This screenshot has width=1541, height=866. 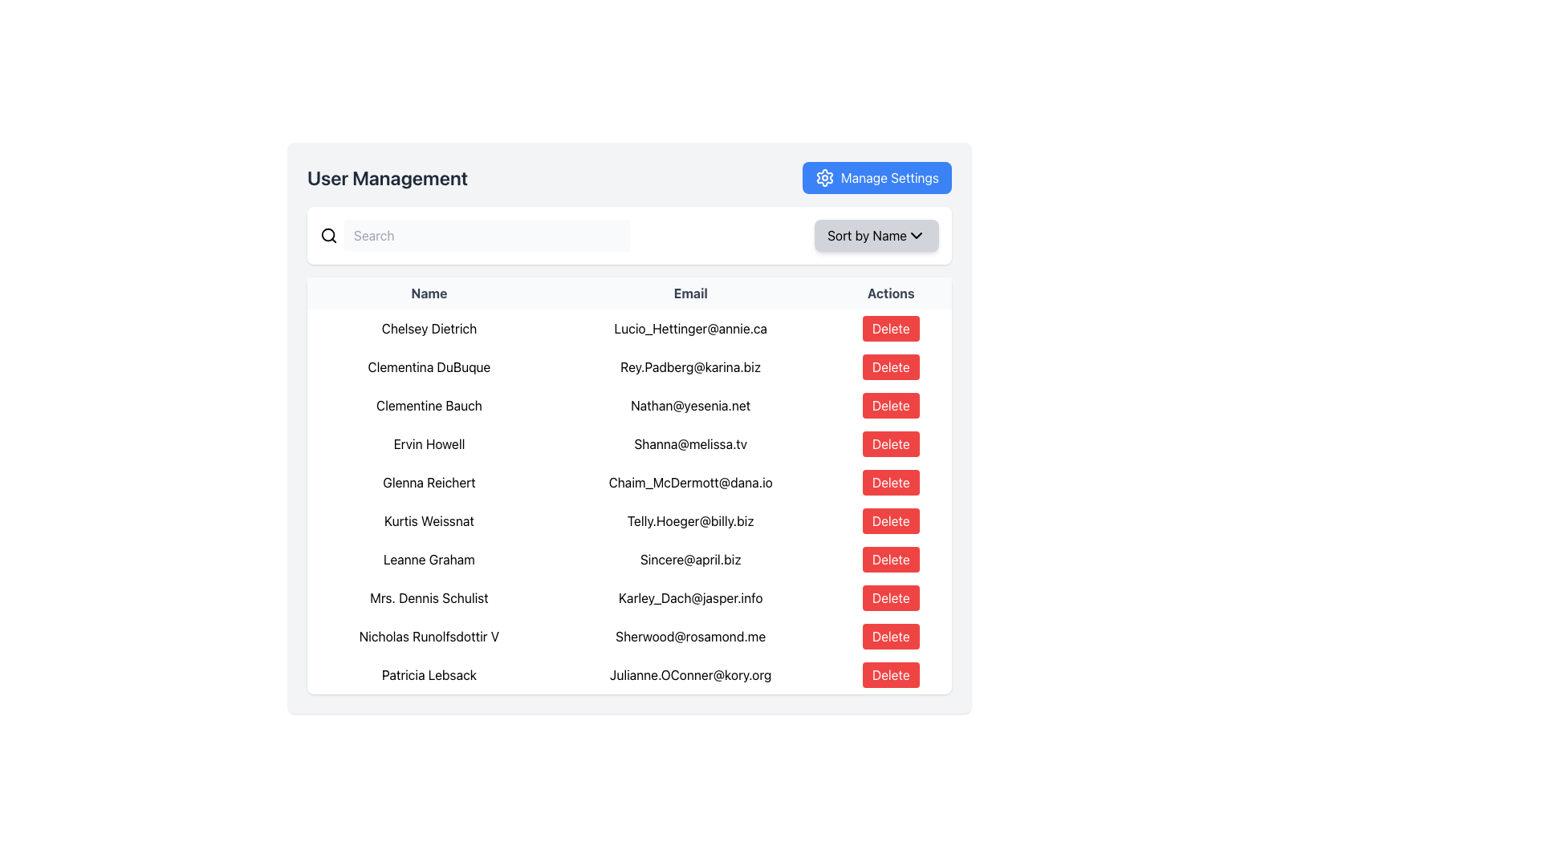 What do you see at coordinates (429, 597) in the screenshot?
I see `the text label displaying 'Mrs. Dennis Schulist' located in the 'Name' column of the table in the seventh row` at bounding box center [429, 597].